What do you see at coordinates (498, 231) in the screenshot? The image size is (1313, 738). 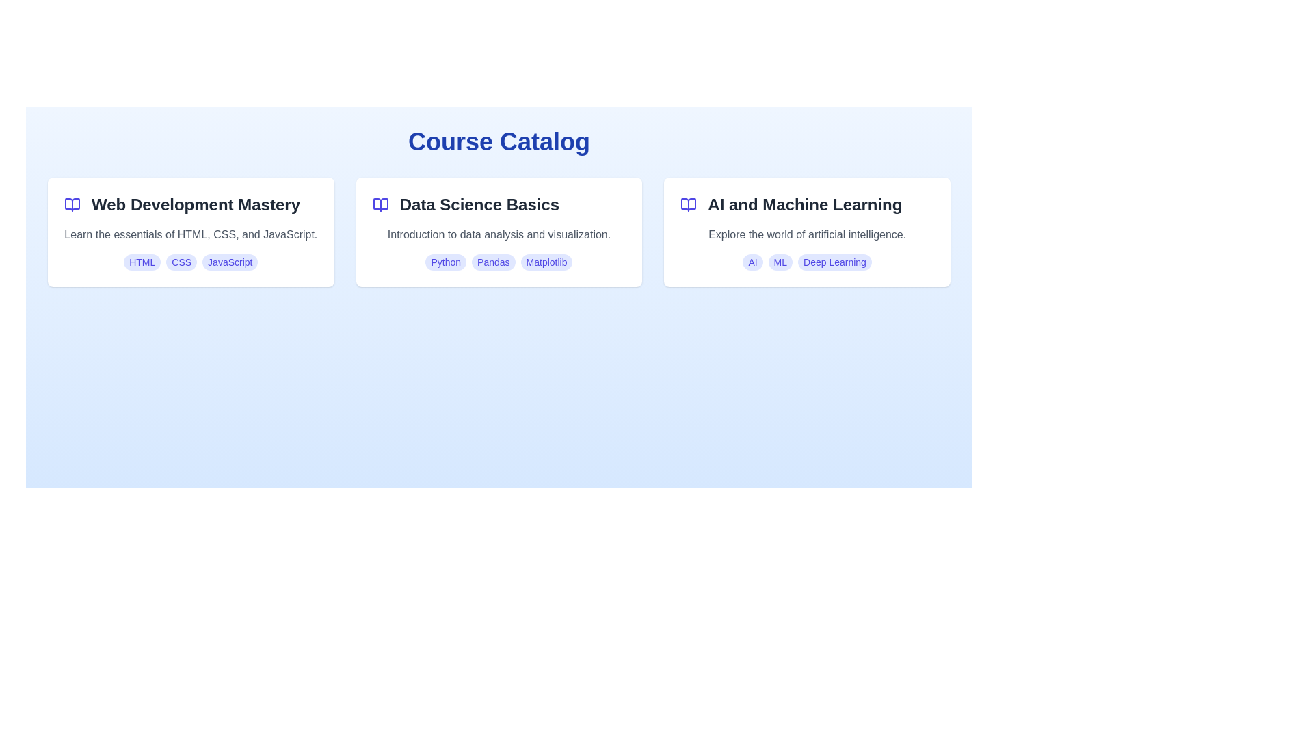 I see `the informational card for 'Data Science Basics' located centrally in the grid layout` at bounding box center [498, 231].